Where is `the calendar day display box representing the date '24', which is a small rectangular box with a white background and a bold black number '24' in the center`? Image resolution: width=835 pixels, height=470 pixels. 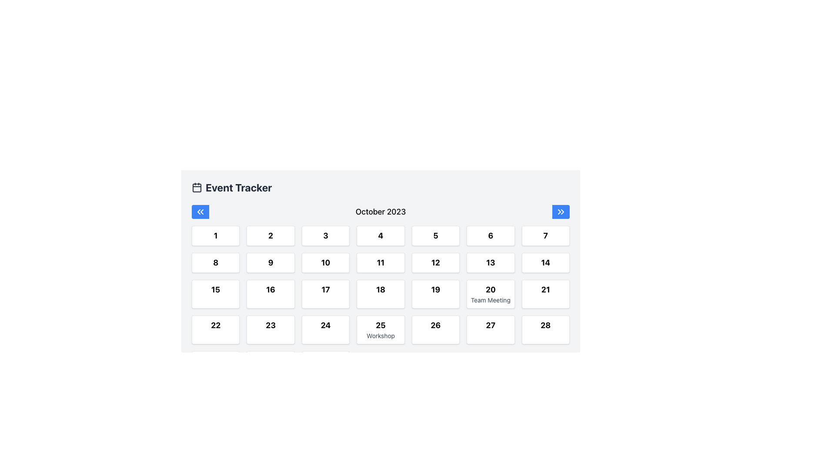
the calendar day display box representing the date '24', which is a small rectangular box with a white background and a bold black number '24' in the center is located at coordinates (325, 330).